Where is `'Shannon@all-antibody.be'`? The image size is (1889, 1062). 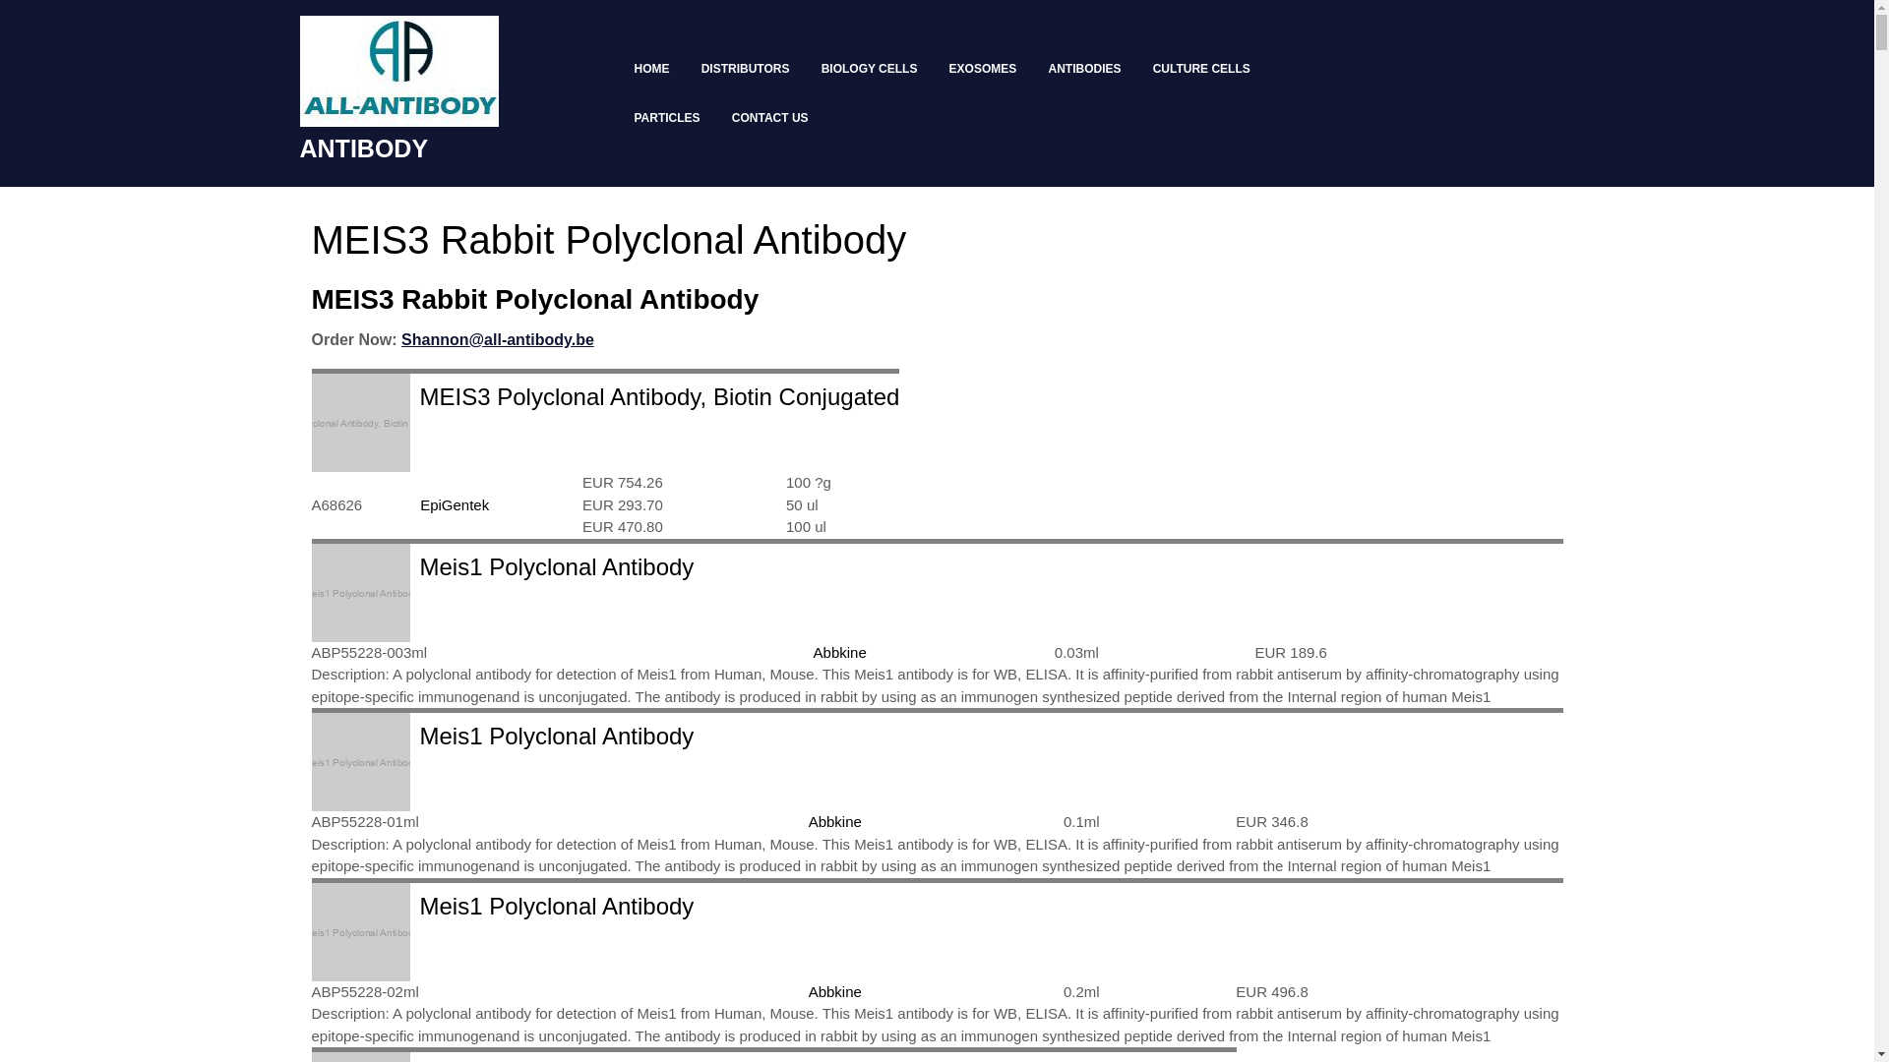 'Shannon@all-antibody.be' is located at coordinates (400, 338).